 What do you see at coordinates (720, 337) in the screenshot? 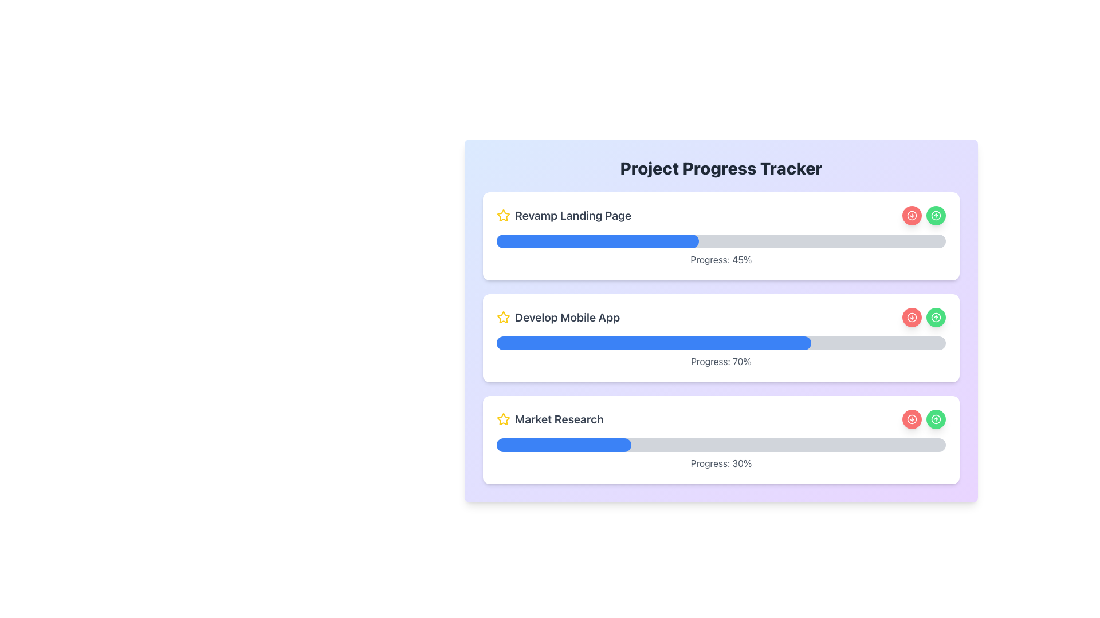
I see `the individual icons or buttons within the second progress tracker section of the structured progress tracker interface, which contains a title, a progress bar, and a percentage indicator` at bounding box center [720, 337].